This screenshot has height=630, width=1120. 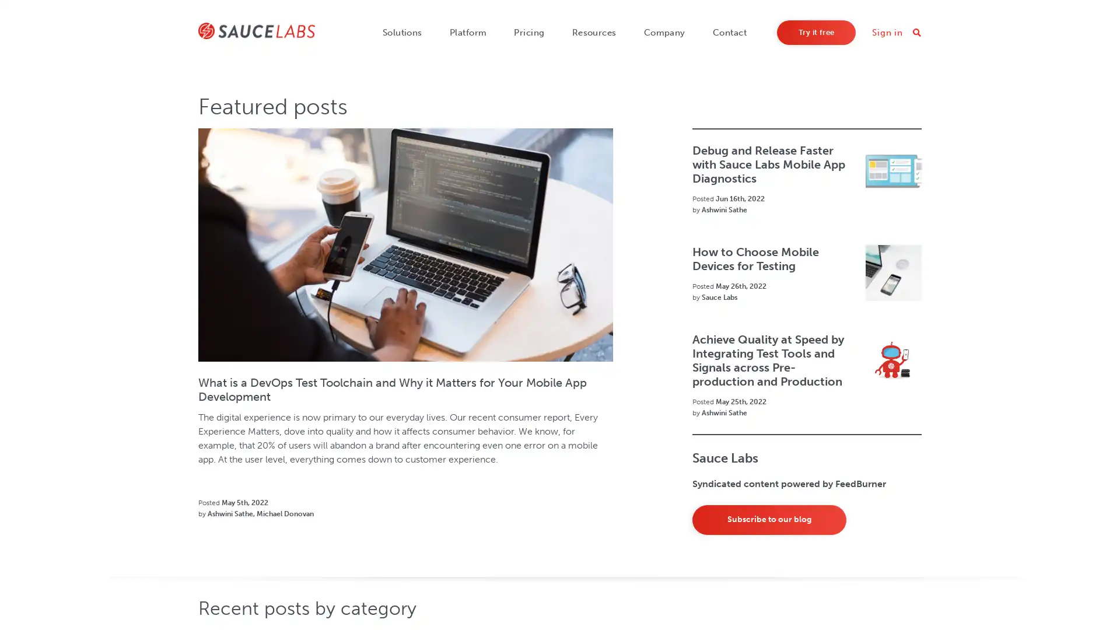 What do you see at coordinates (910, 594) in the screenshot?
I see `Accept All and Continue` at bounding box center [910, 594].